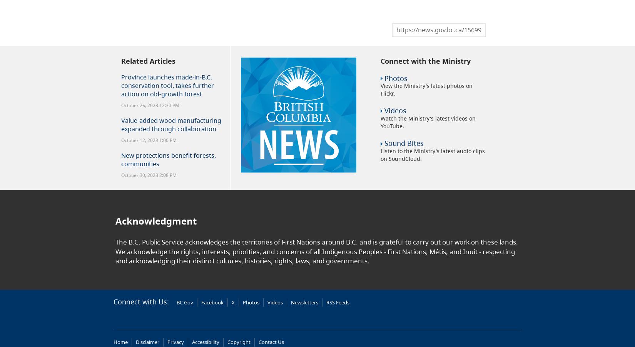  Describe the element at coordinates (381, 60) in the screenshot. I see `'Connect with the Ministry'` at that location.